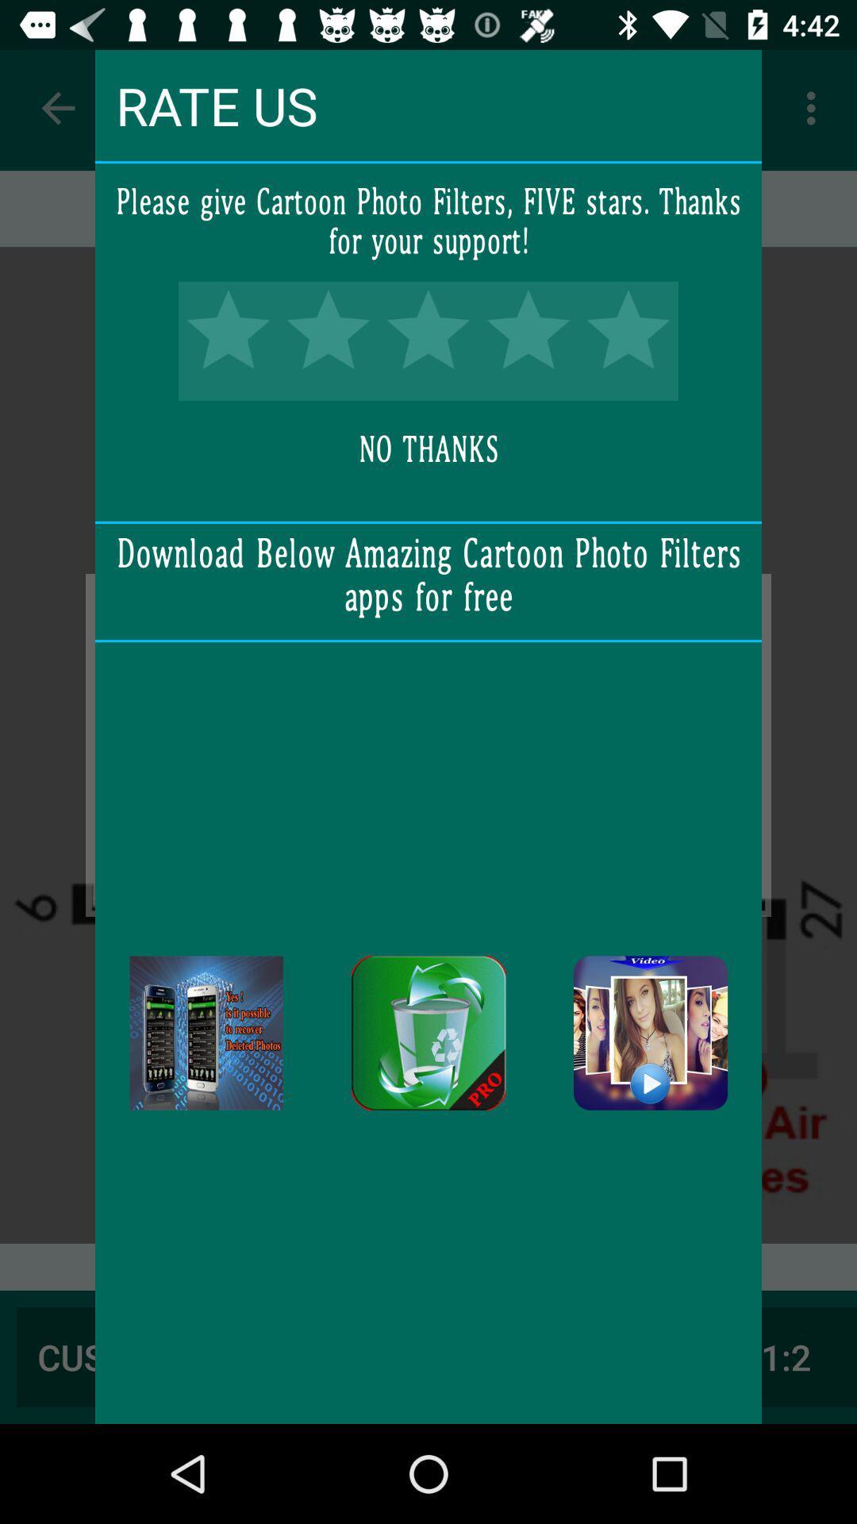 The height and width of the screenshot is (1524, 857). Describe the element at coordinates (206, 1033) in the screenshot. I see `advert` at that location.